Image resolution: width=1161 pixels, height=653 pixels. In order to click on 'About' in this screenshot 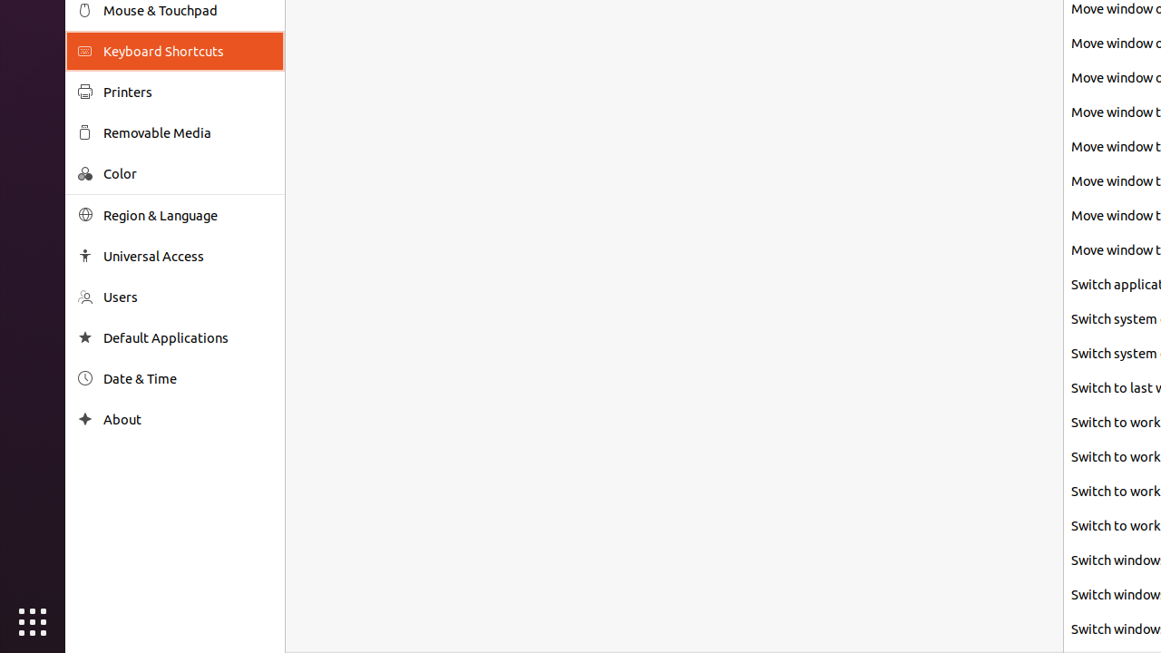, I will do `click(187, 419)`.